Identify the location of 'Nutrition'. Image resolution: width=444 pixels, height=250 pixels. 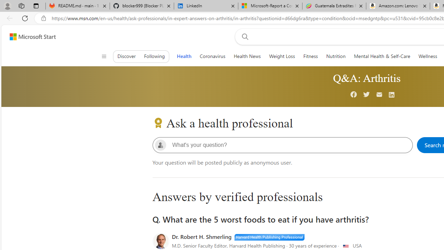
(336, 56).